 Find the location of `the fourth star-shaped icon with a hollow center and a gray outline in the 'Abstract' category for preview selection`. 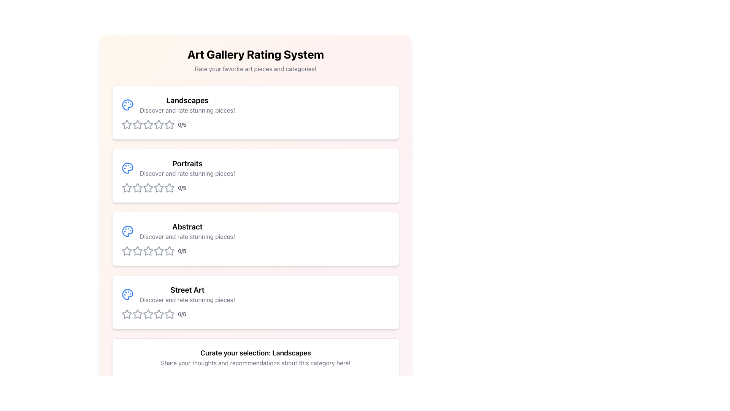

the fourth star-shaped icon with a hollow center and a gray outline in the 'Abstract' category for preview selection is located at coordinates (169, 251).